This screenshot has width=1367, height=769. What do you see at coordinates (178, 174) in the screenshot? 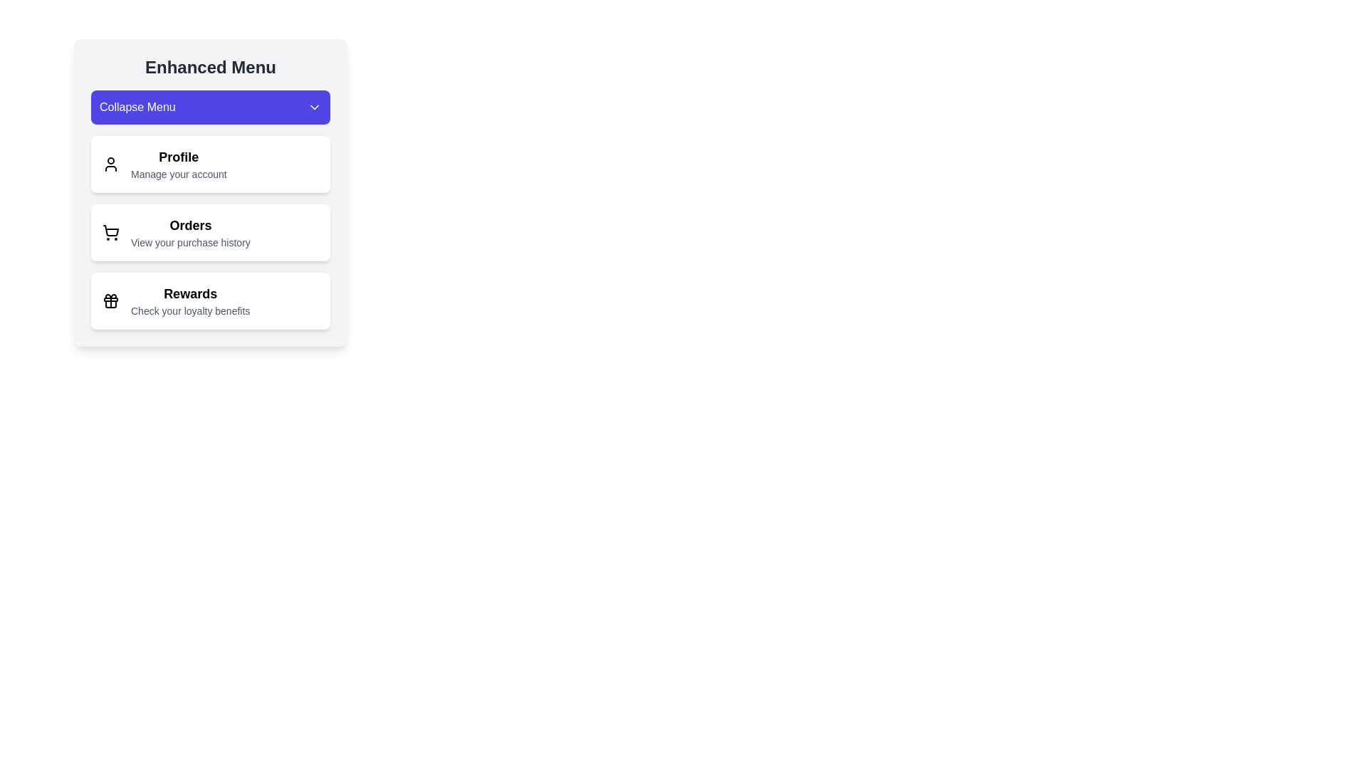
I see `the descriptive text label located below the bolded 'Profile' text in the first card of the vertically stacked list` at bounding box center [178, 174].